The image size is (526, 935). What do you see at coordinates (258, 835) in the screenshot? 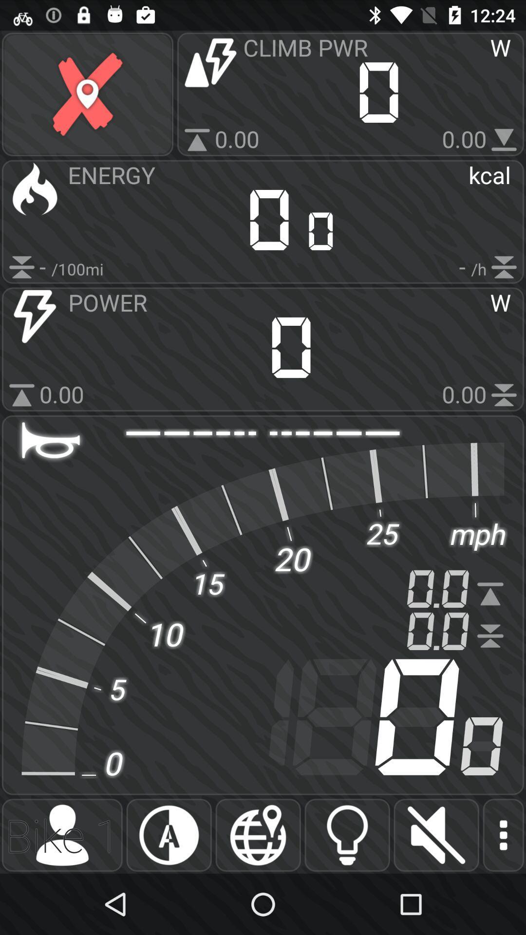
I see `location tab` at bounding box center [258, 835].